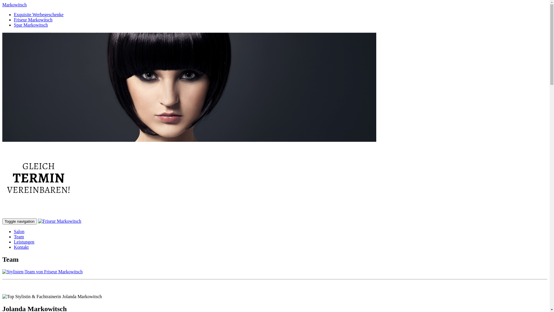 The width and height of the screenshot is (554, 312). I want to click on 'Salon', so click(19, 231).